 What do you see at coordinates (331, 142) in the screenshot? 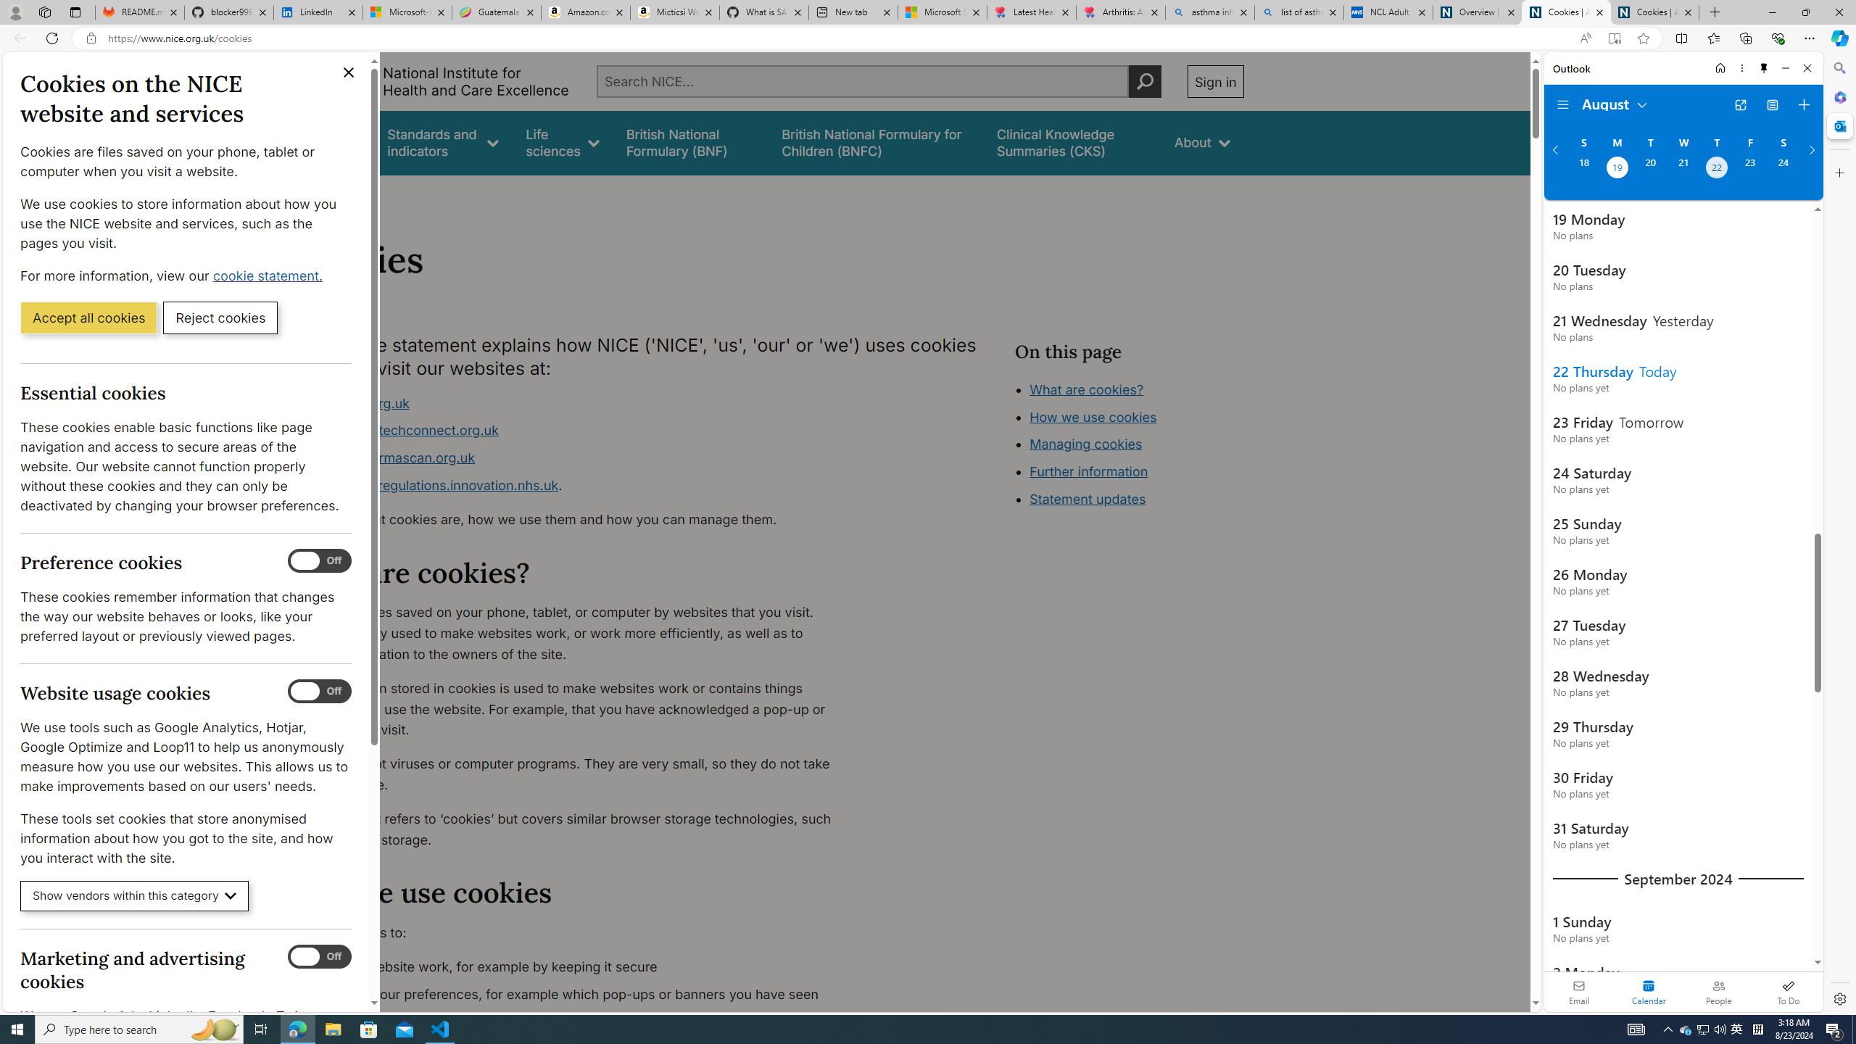
I see `'Guidance'` at bounding box center [331, 142].